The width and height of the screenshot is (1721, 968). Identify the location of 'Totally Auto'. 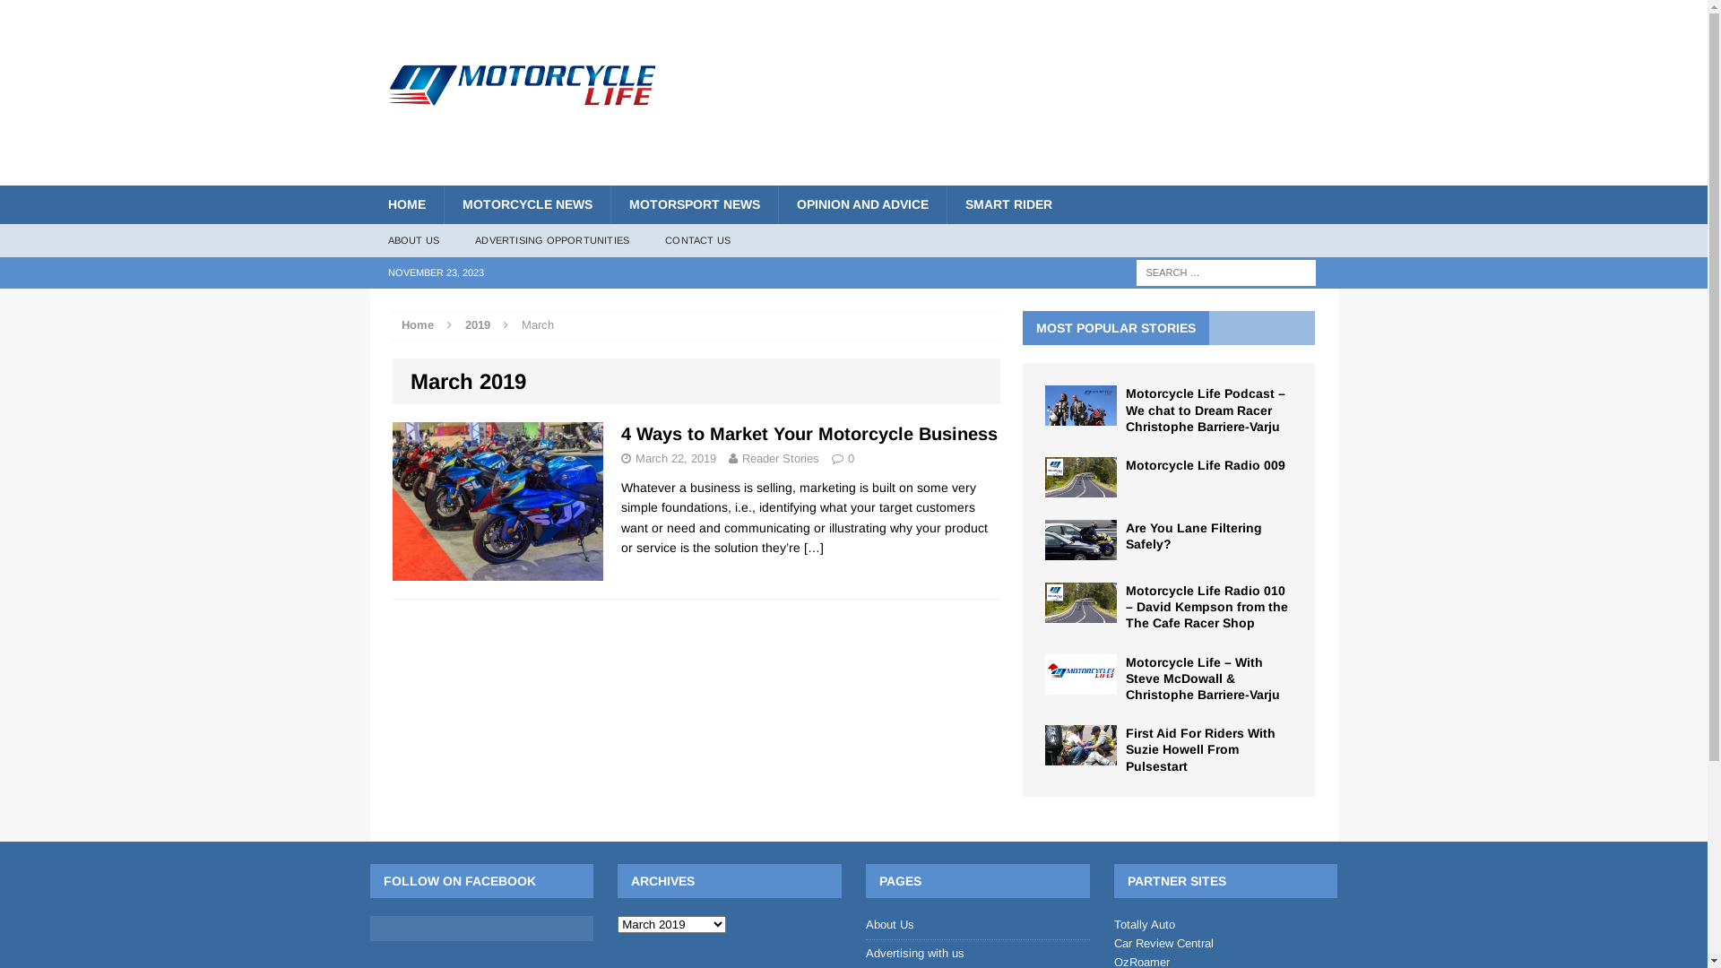
(1143, 924).